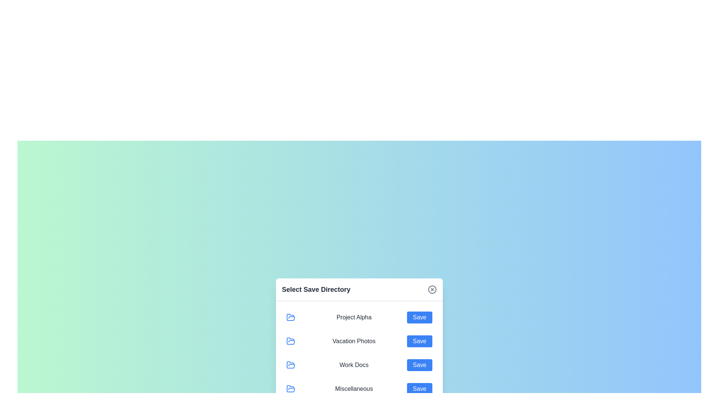 The width and height of the screenshot is (715, 402). I want to click on 'Save' button for the directory Miscellaneous, so click(419, 388).